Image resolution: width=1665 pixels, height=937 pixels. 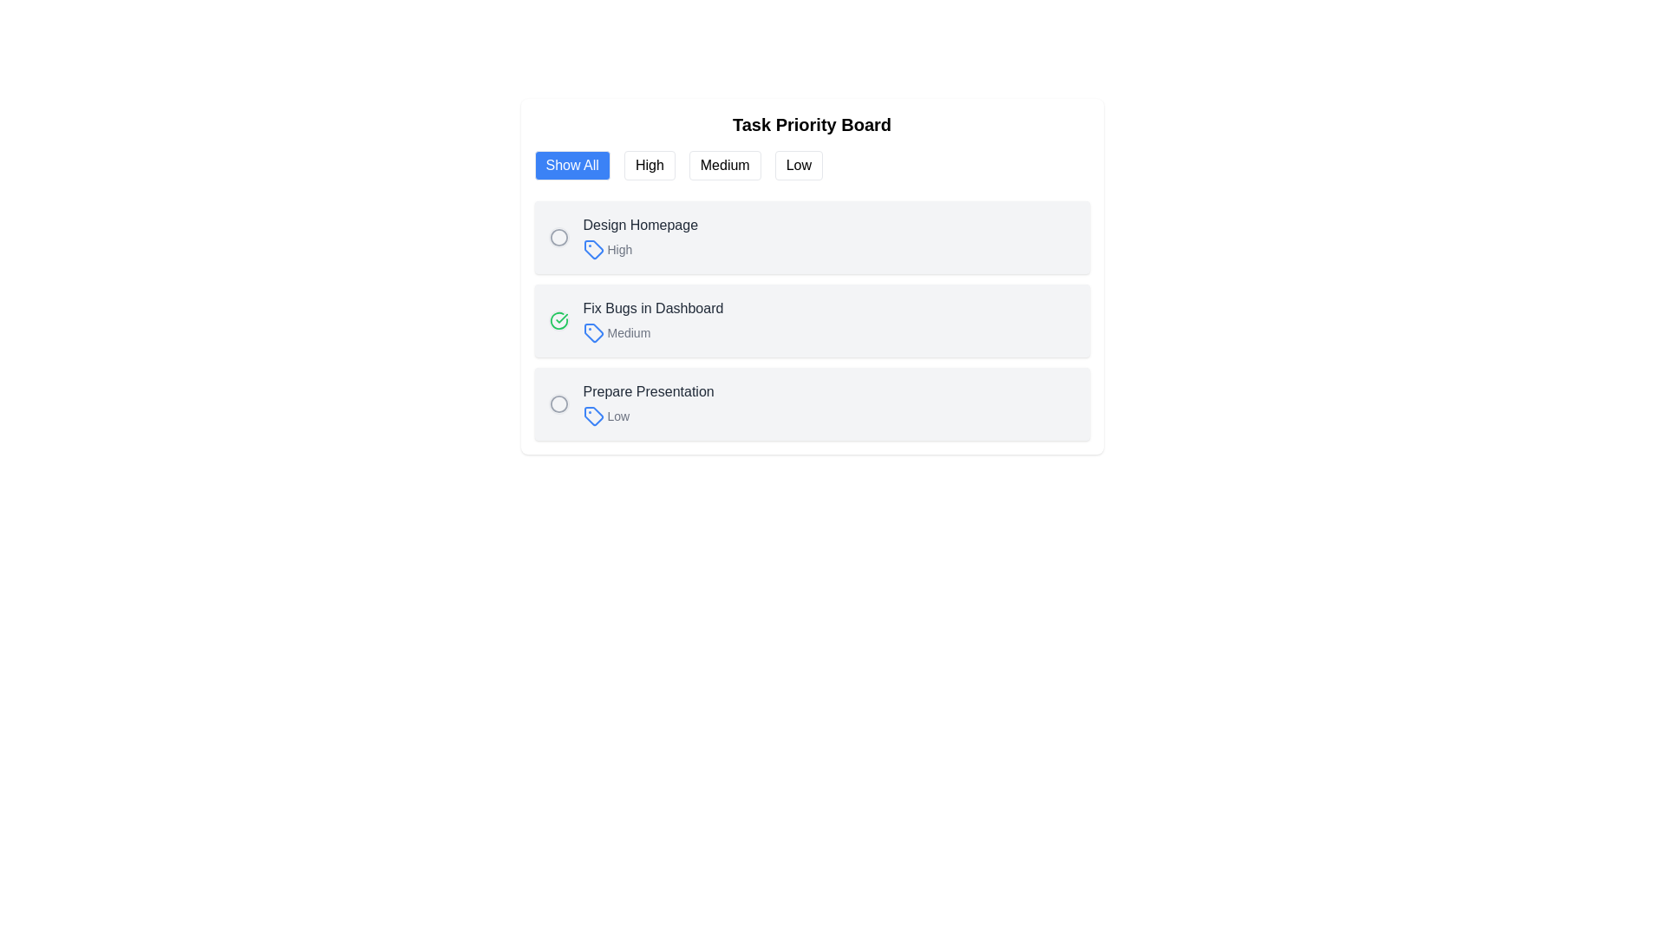 I want to click on the 'Show All' button, which has a blue background and white text, so click(x=572, y=166).